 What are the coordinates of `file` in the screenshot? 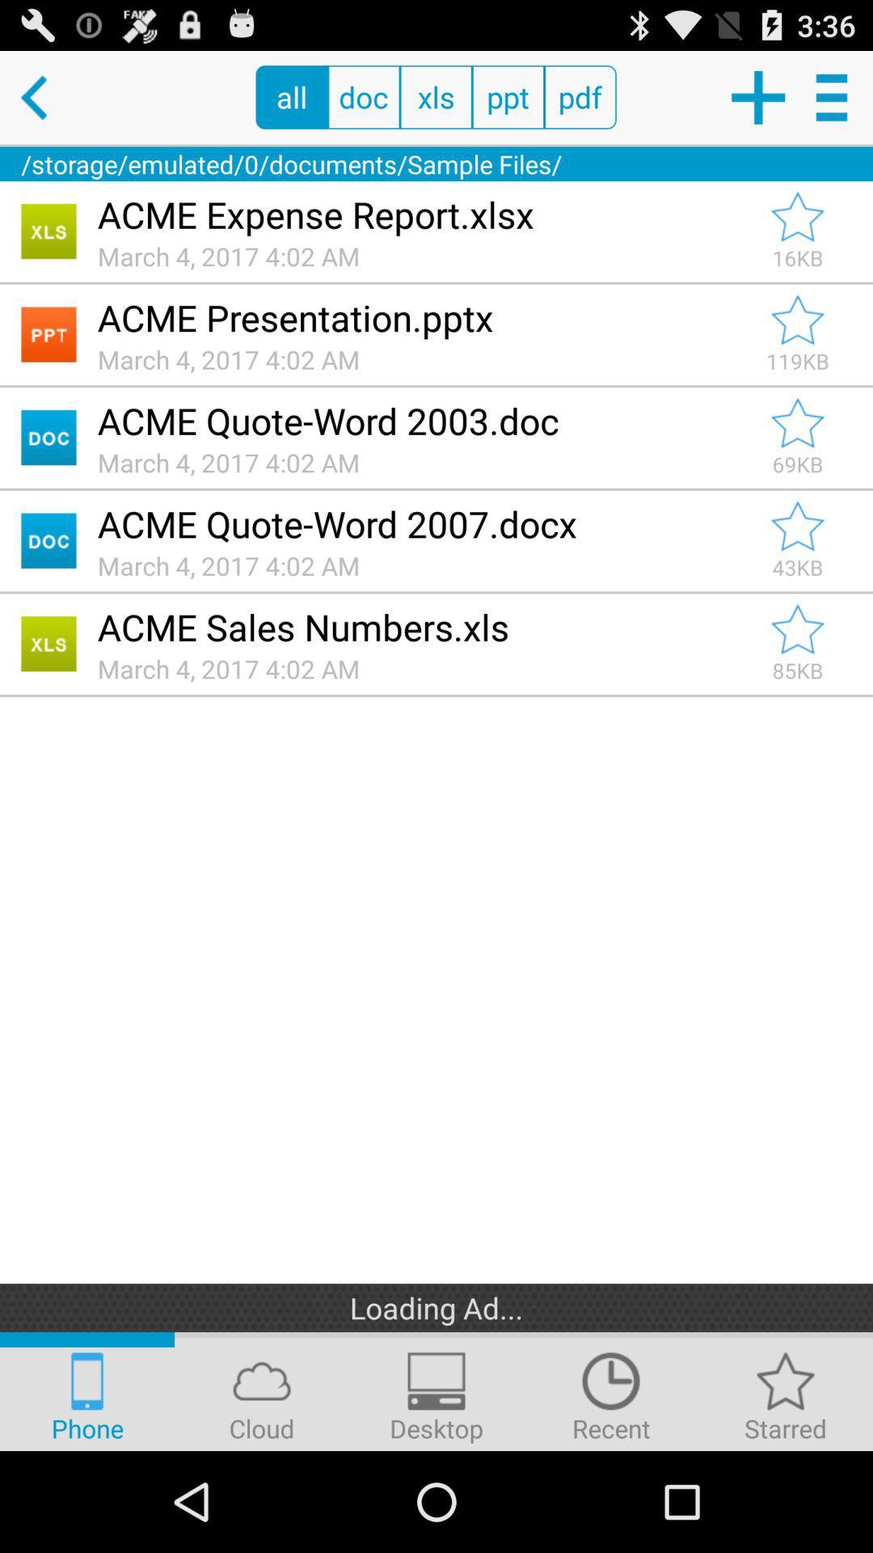 It's located at (797, 527).